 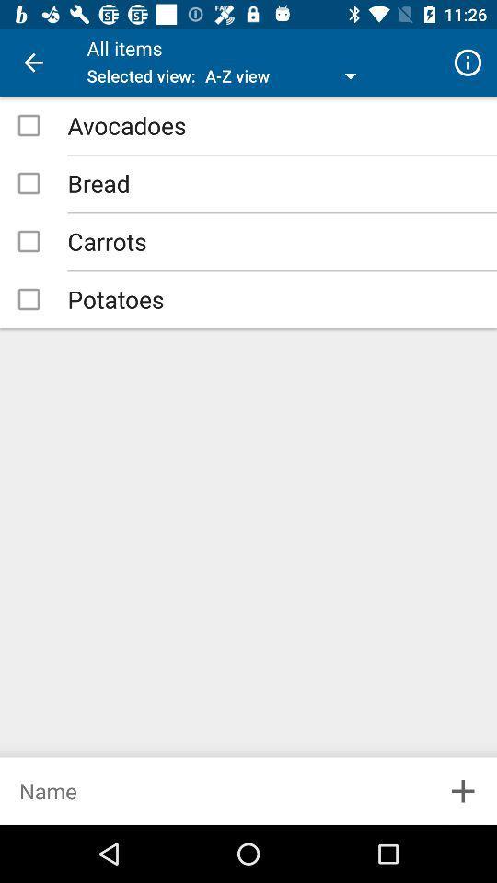 I want to click on new list item name, so click(x=214, y=790).